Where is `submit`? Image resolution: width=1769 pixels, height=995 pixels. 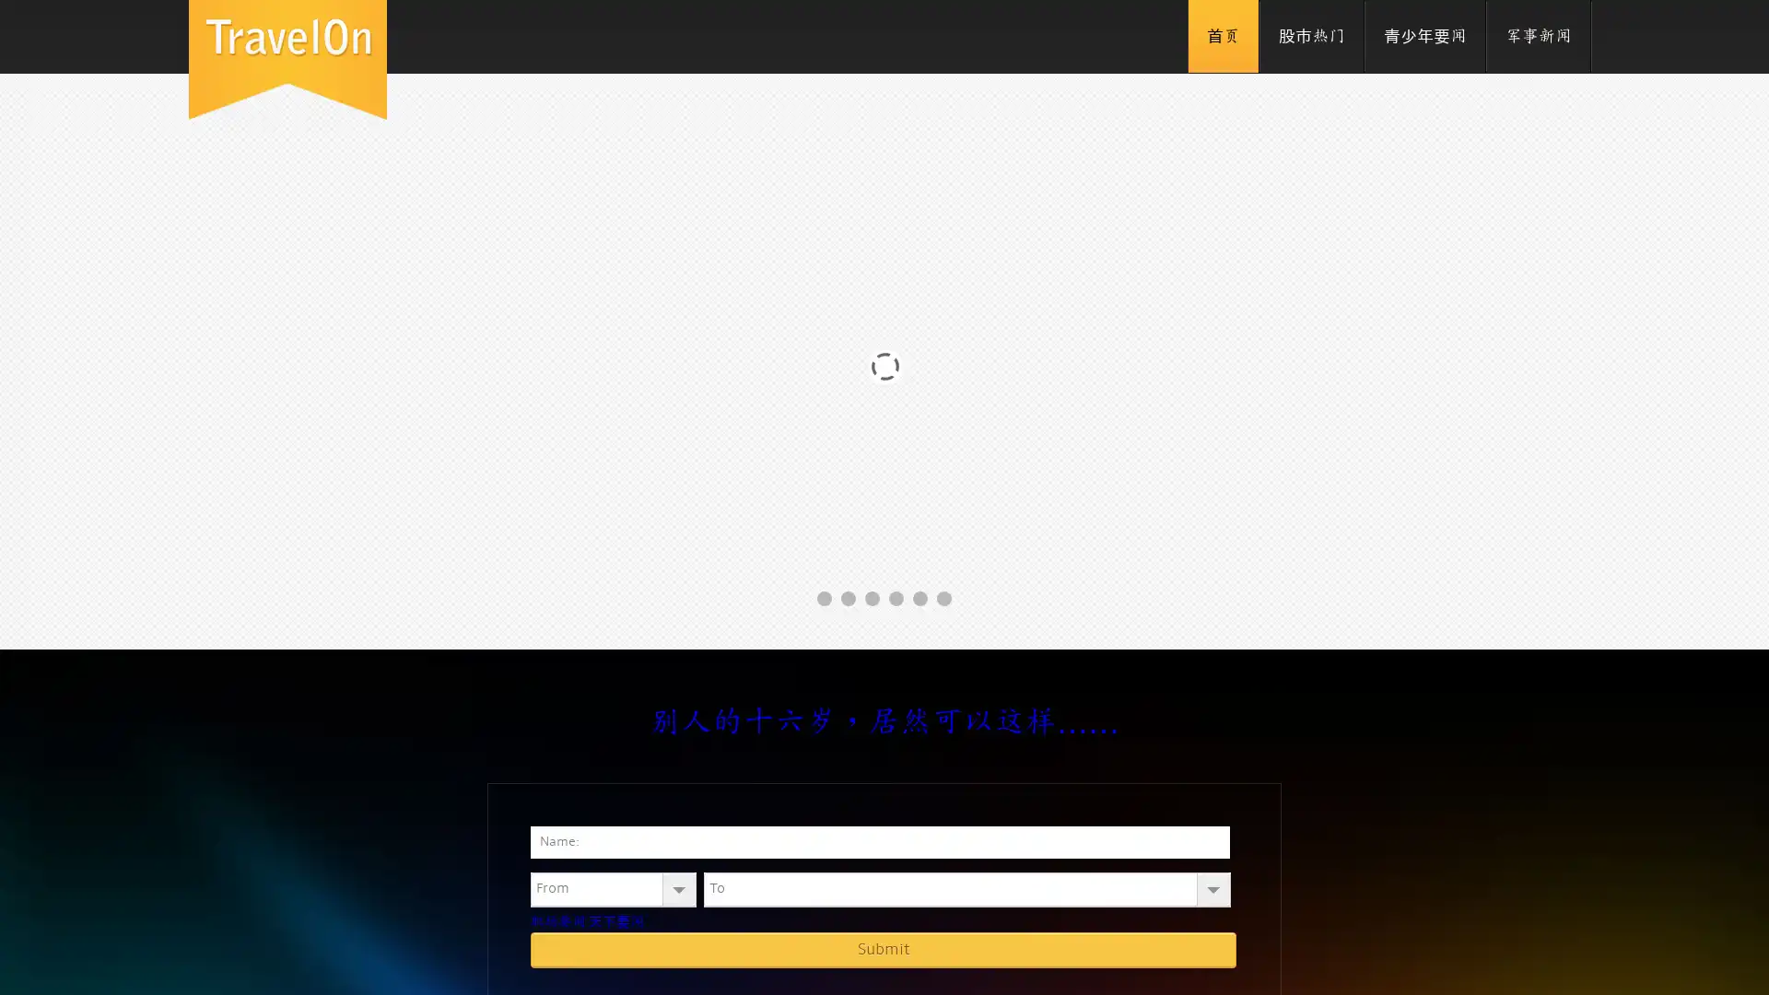
submit is located at coordinates (883, 949).